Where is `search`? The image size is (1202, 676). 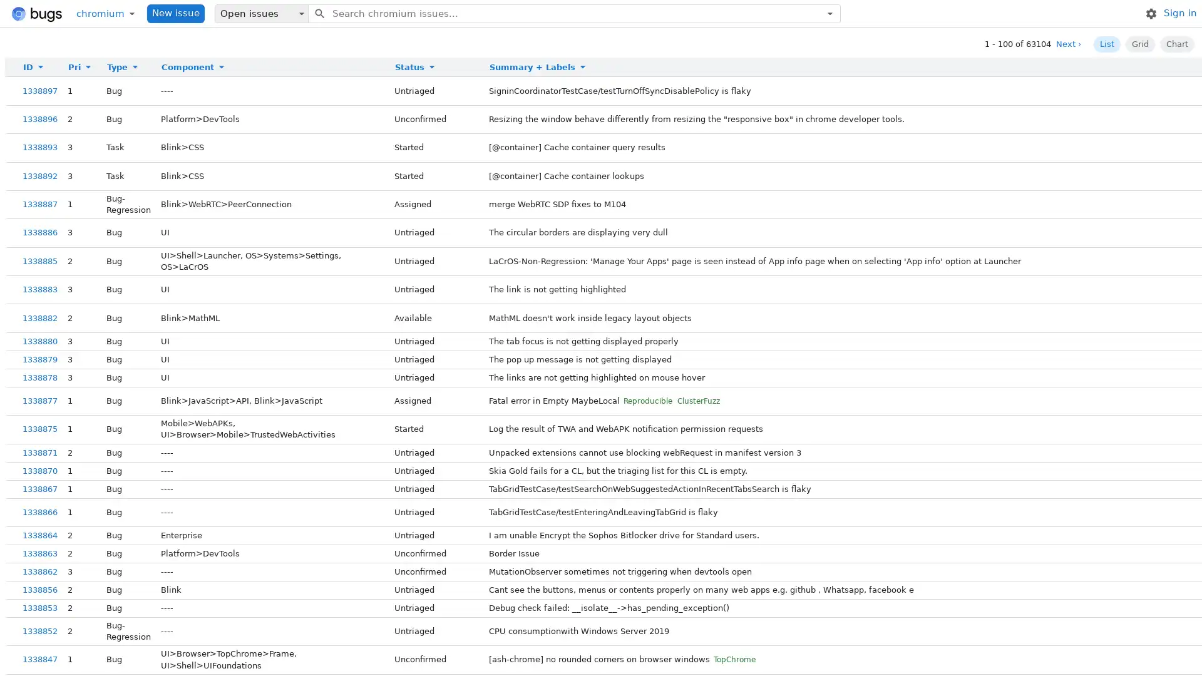 search is located at coordinates (319, 13).